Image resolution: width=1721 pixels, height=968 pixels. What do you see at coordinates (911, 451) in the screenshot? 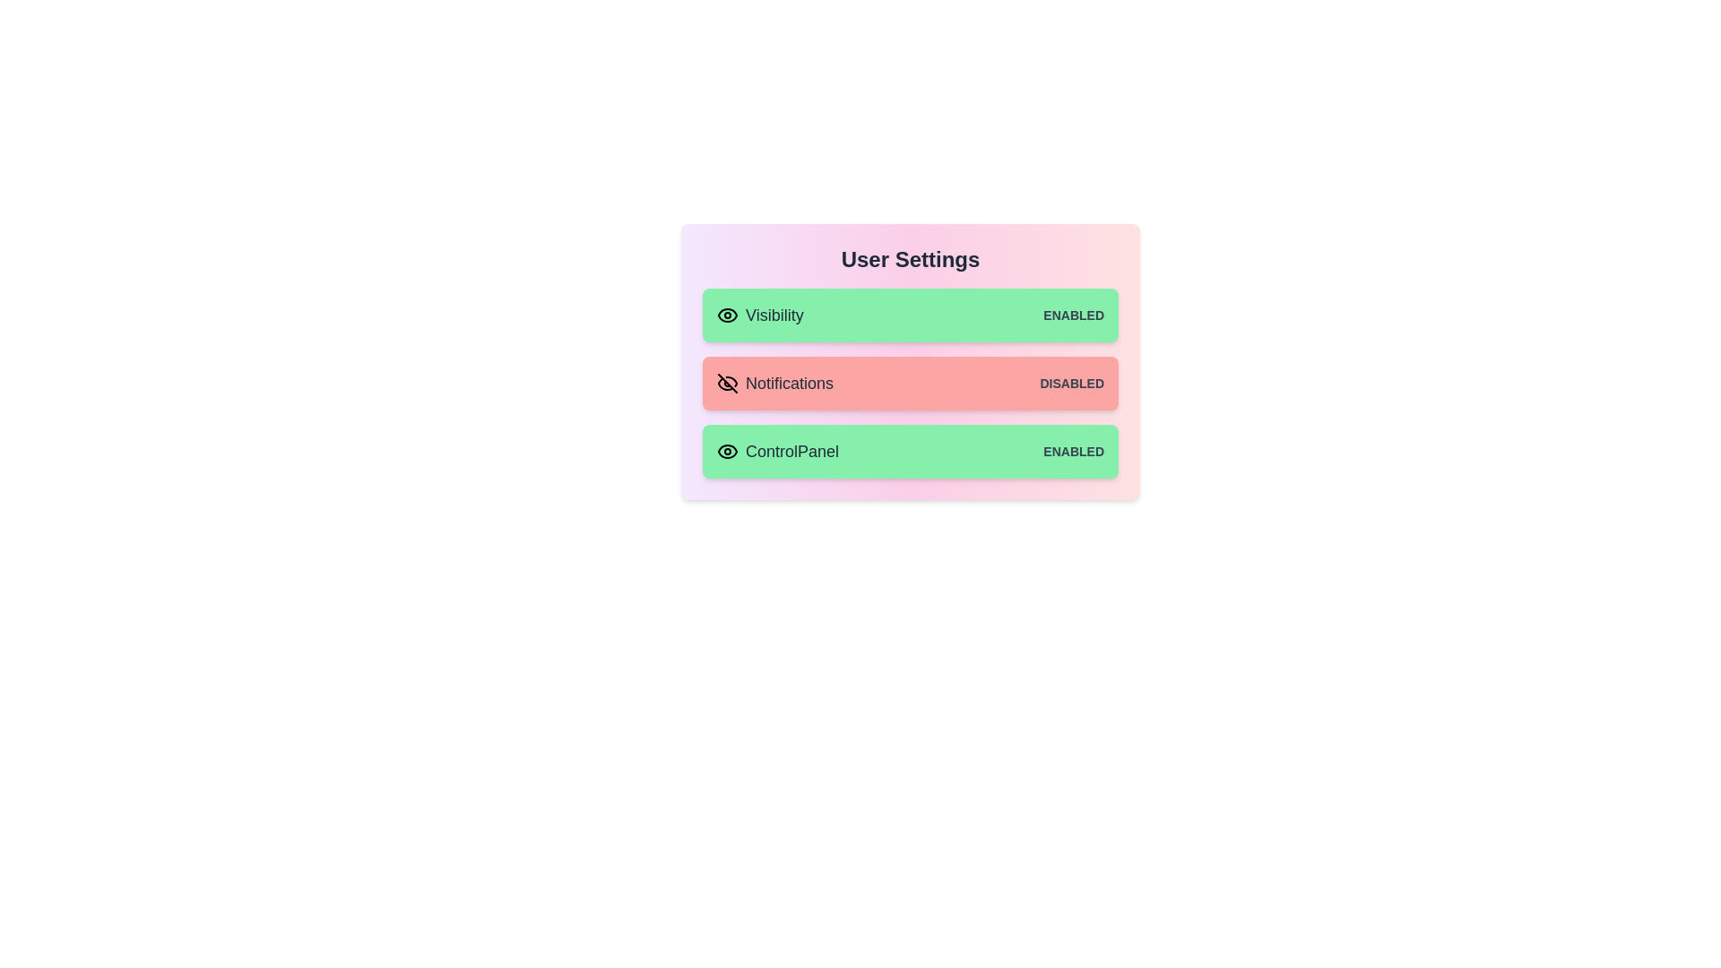
I see `the item corresponding to ControlPanel to observe its hover effect` at bounding box center [911, 451].